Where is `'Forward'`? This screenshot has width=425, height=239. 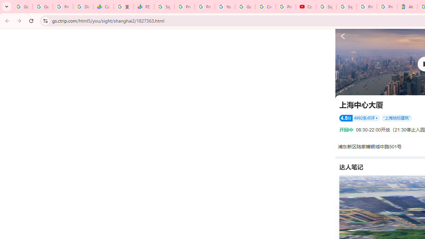 'Forward' is located at coordinates (19, 20).